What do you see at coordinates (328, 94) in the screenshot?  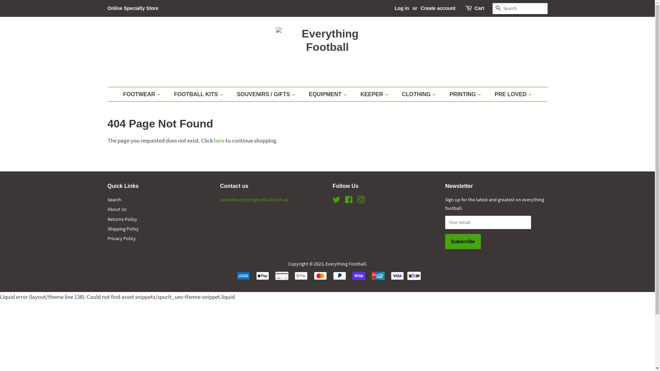 I see `'EQUIPMENT'` at bounding box center [328, 94].